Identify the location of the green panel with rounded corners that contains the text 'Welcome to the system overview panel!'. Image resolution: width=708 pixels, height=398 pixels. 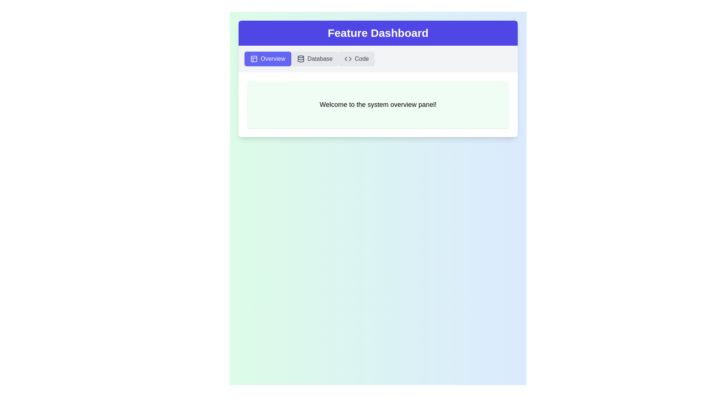
(378, 105).